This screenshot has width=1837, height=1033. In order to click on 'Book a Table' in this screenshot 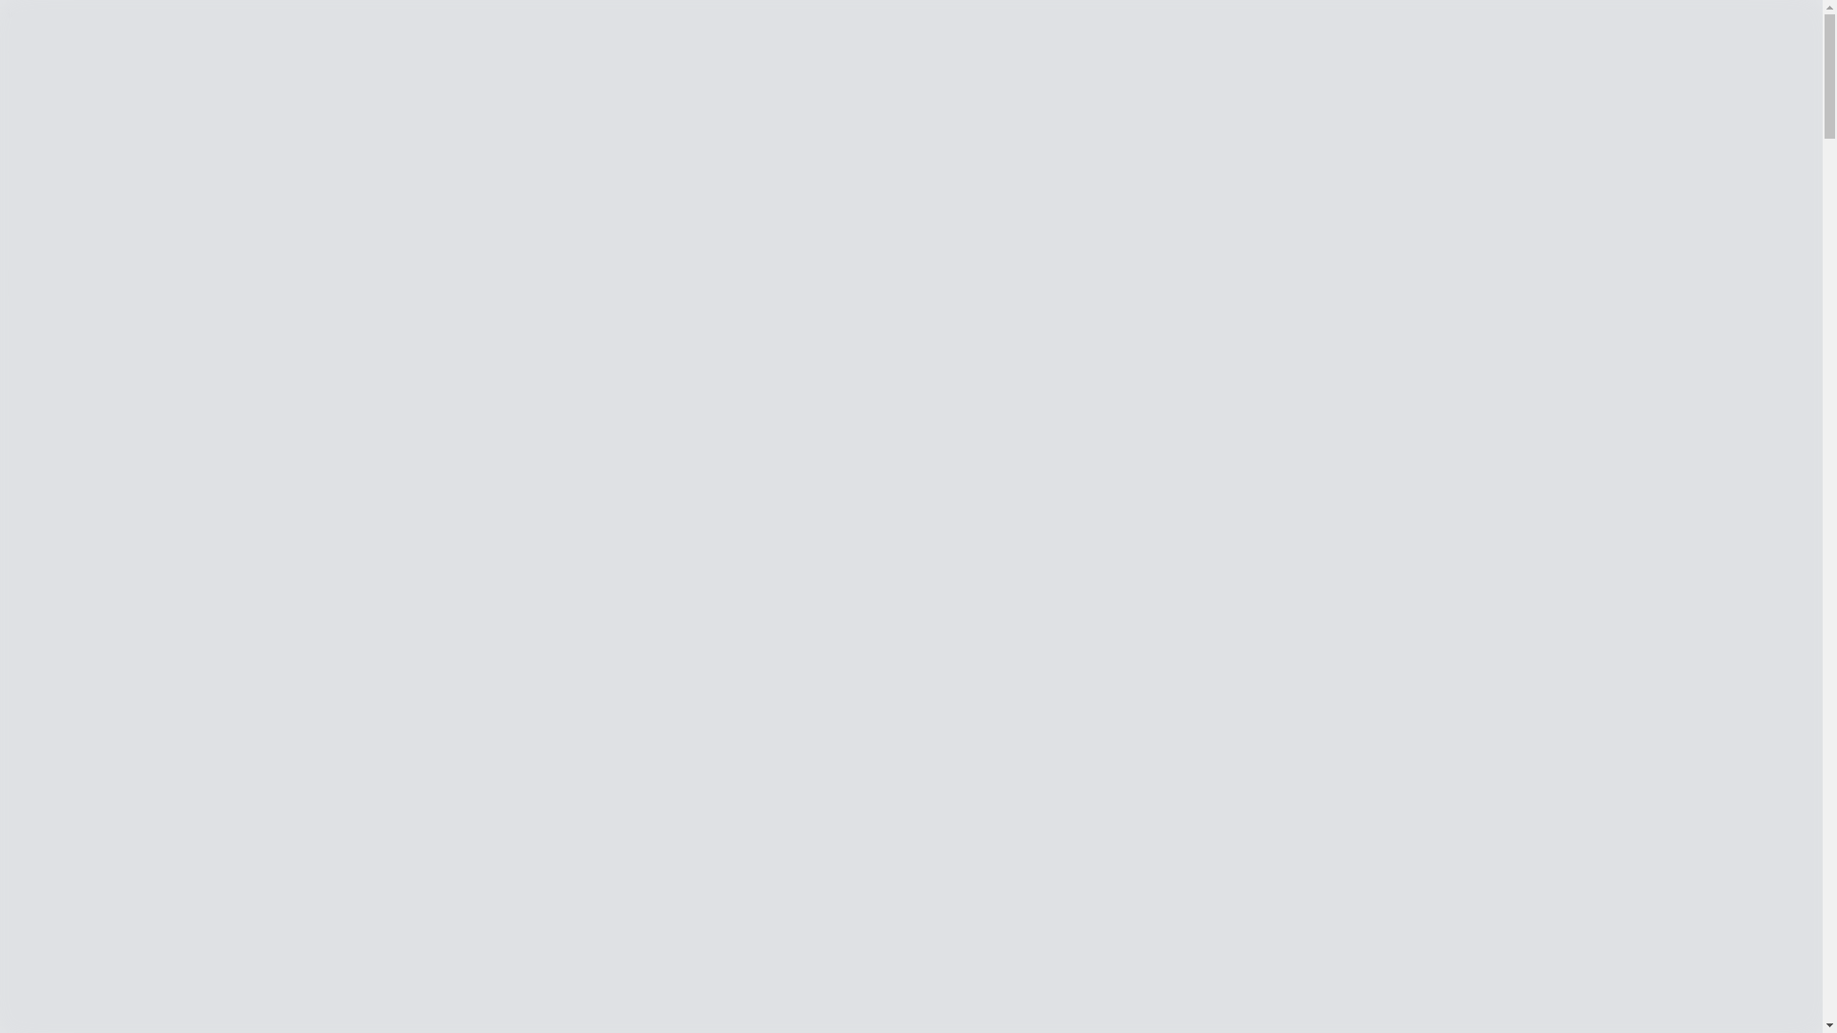, I will do `click(930, 733)`.